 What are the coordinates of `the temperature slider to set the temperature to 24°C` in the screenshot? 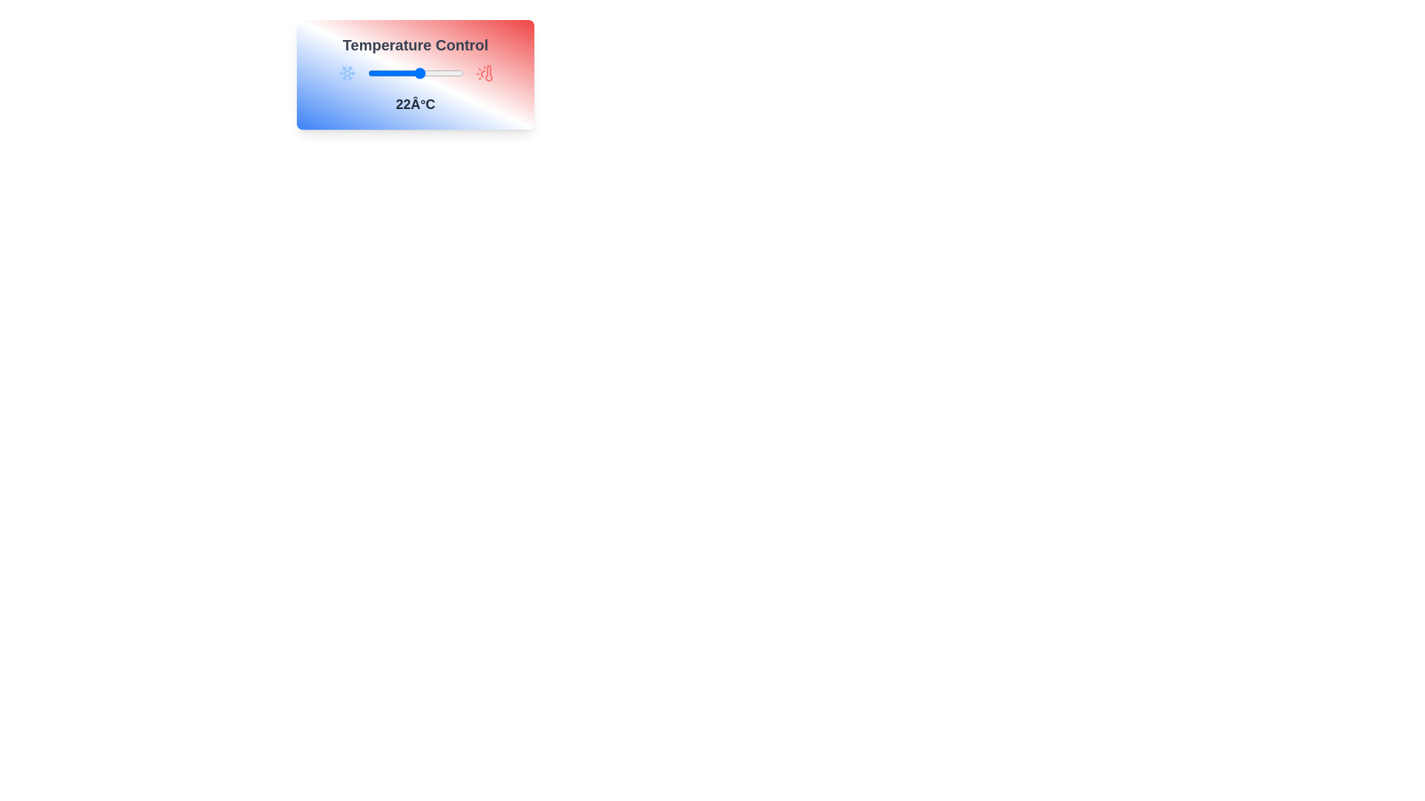 It's located at (424, 73).